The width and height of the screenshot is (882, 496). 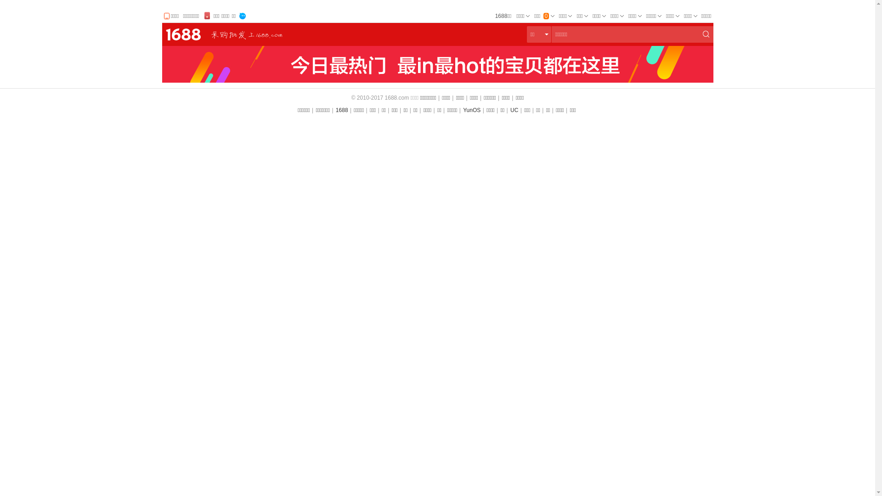 I want to click on 'YunOS', so click(x=463, y=109).